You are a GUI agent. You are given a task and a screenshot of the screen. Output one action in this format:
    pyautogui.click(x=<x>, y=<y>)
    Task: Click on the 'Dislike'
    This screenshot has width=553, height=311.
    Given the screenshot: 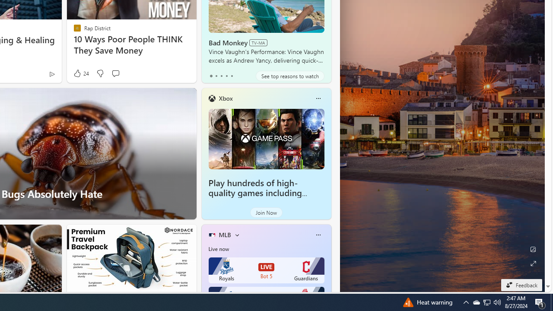 What is the action you would take?
    pyautogui.click(x=100, y=73)
    